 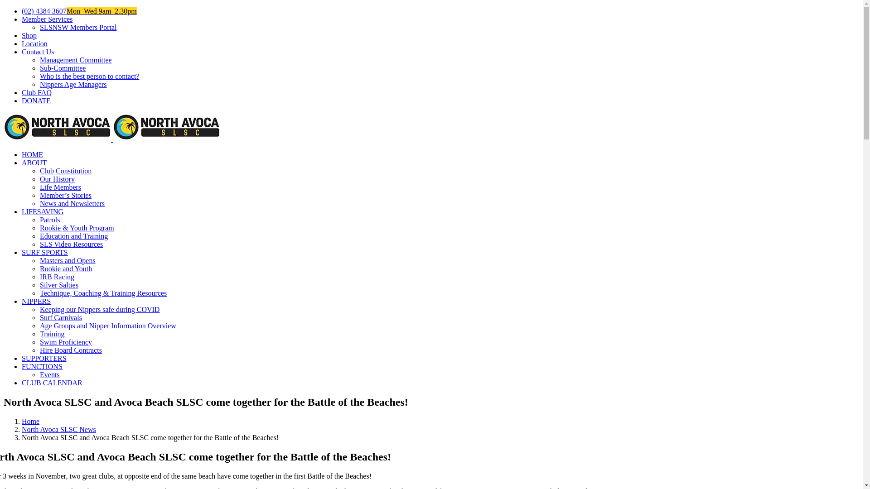 What do you see at coordinates (36, 92) in the screenshot?
I see `'Club FAQ'` at bounding box center [36, 92].